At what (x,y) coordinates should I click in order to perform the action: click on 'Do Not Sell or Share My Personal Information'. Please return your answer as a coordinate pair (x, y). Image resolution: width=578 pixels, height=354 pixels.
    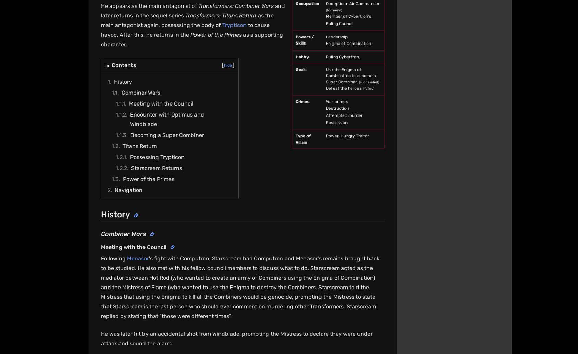
    Looking at the image, I should click on (339, 233).